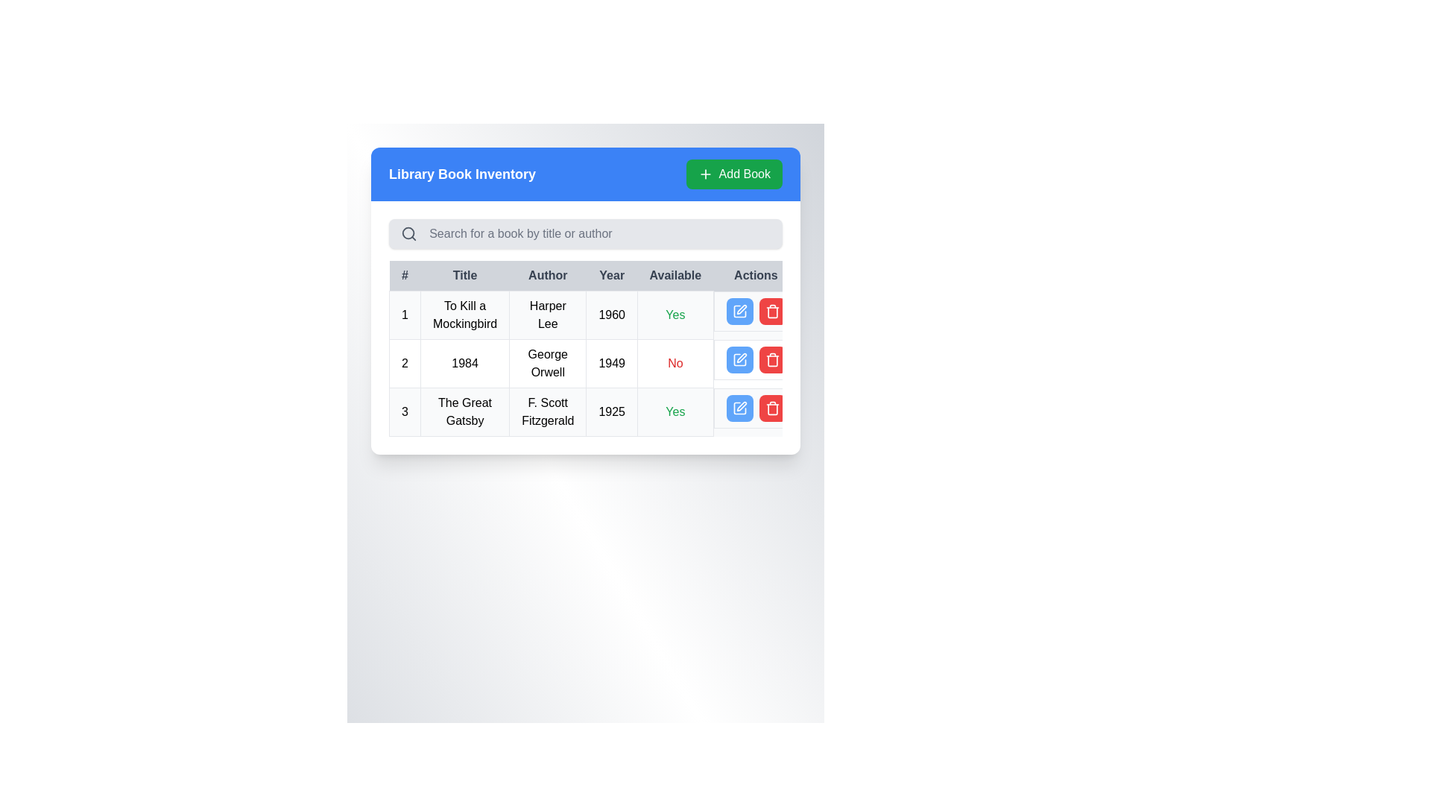  I want to click on the availability status text label located in the center column labeled 'Available' of the first row of the data table, which indicates 'Yes' to signify that the item is available, so click(675, 411).